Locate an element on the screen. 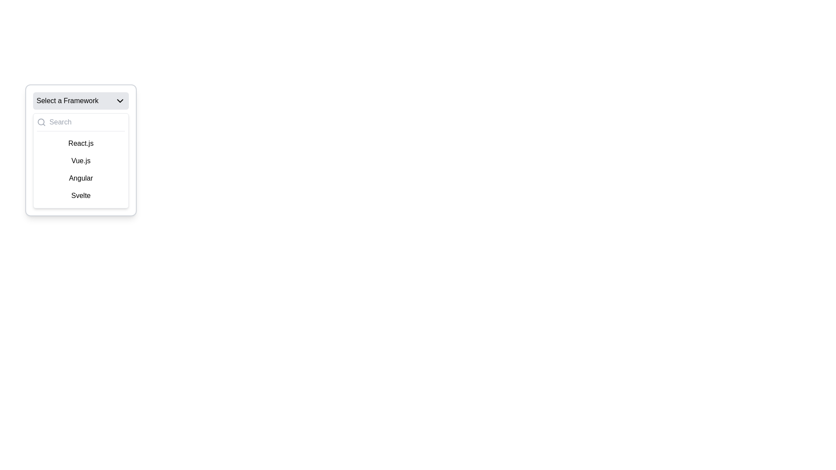  the 'Angular' menu option in the dropdown list is located at coordinates (81, 178).